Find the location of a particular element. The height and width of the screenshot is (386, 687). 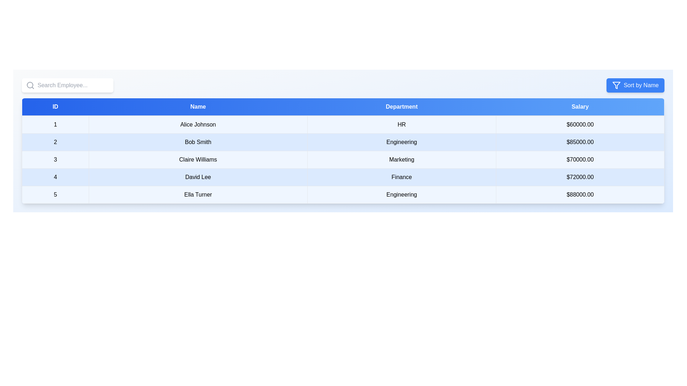

the text label displaying 'Marketing' in black font on a light blue background, which is located in the third row of the table under the 'Department' column is located at coordinates (401, 159).